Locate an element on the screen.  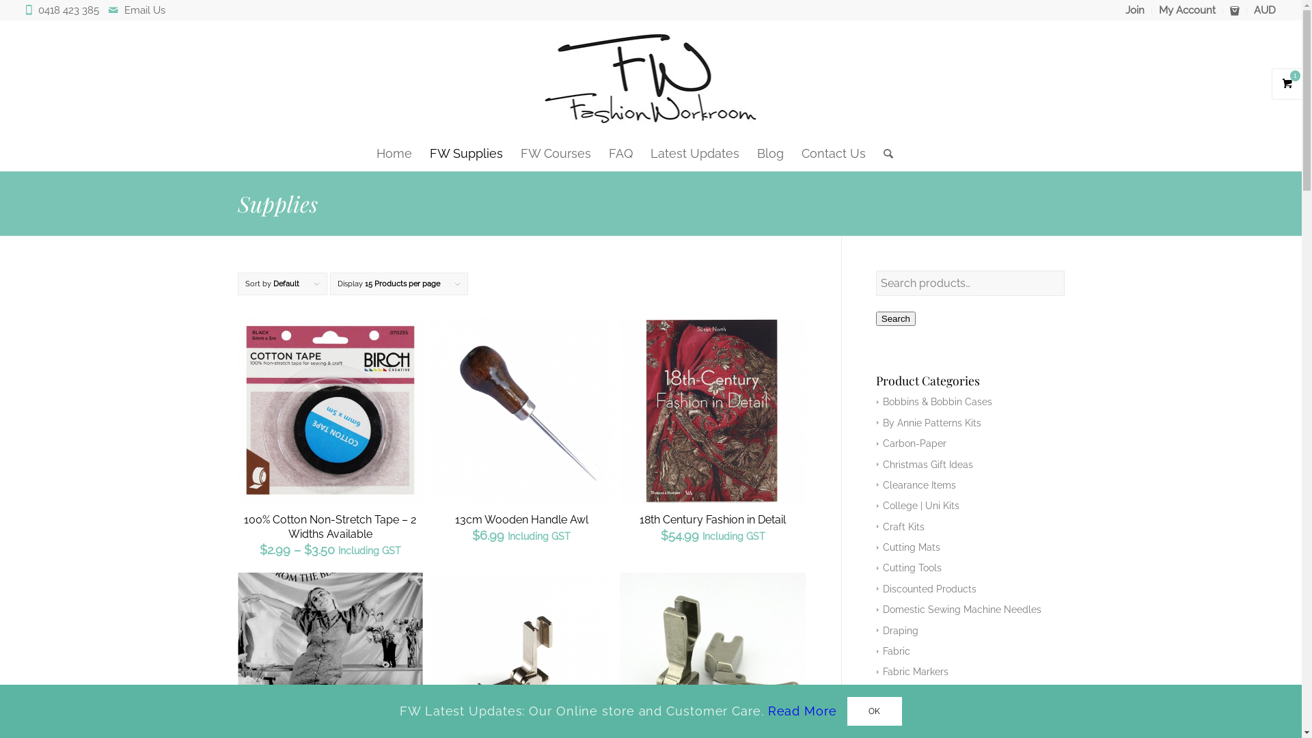
'13cm Wooden Handle Awl is located at coordinates (521, 435).